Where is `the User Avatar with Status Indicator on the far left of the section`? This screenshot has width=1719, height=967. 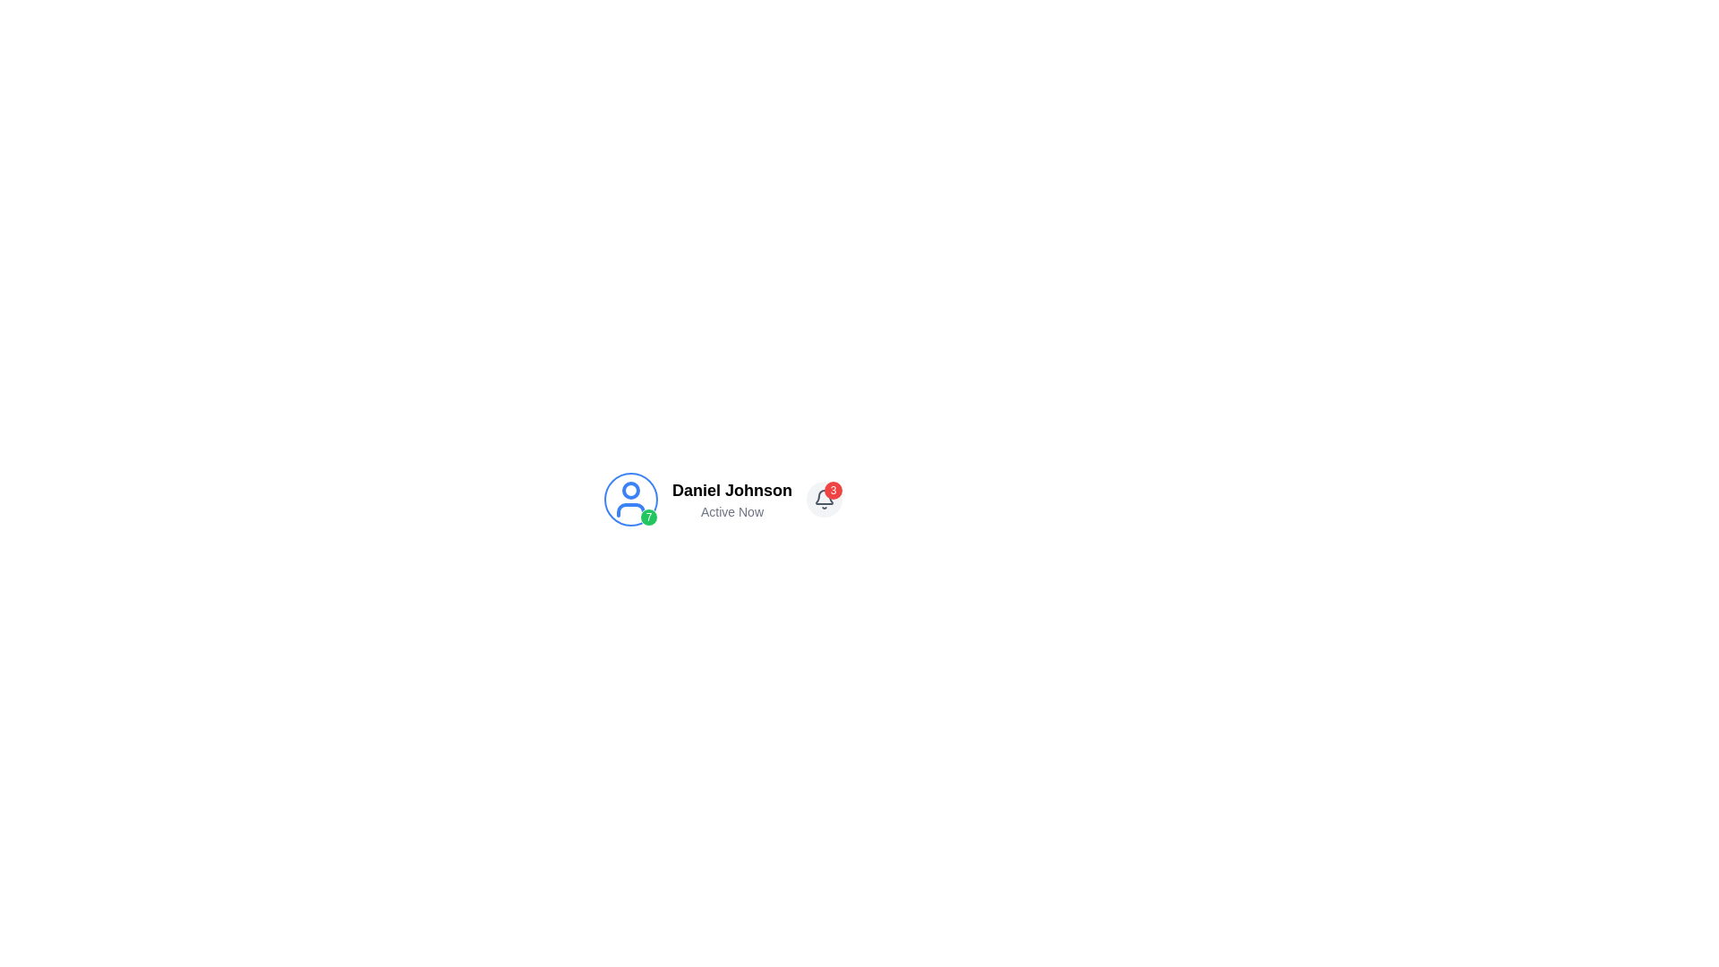 the User Avatar with Status Indicator on the far left of the section is located at coordinates (631, 500).